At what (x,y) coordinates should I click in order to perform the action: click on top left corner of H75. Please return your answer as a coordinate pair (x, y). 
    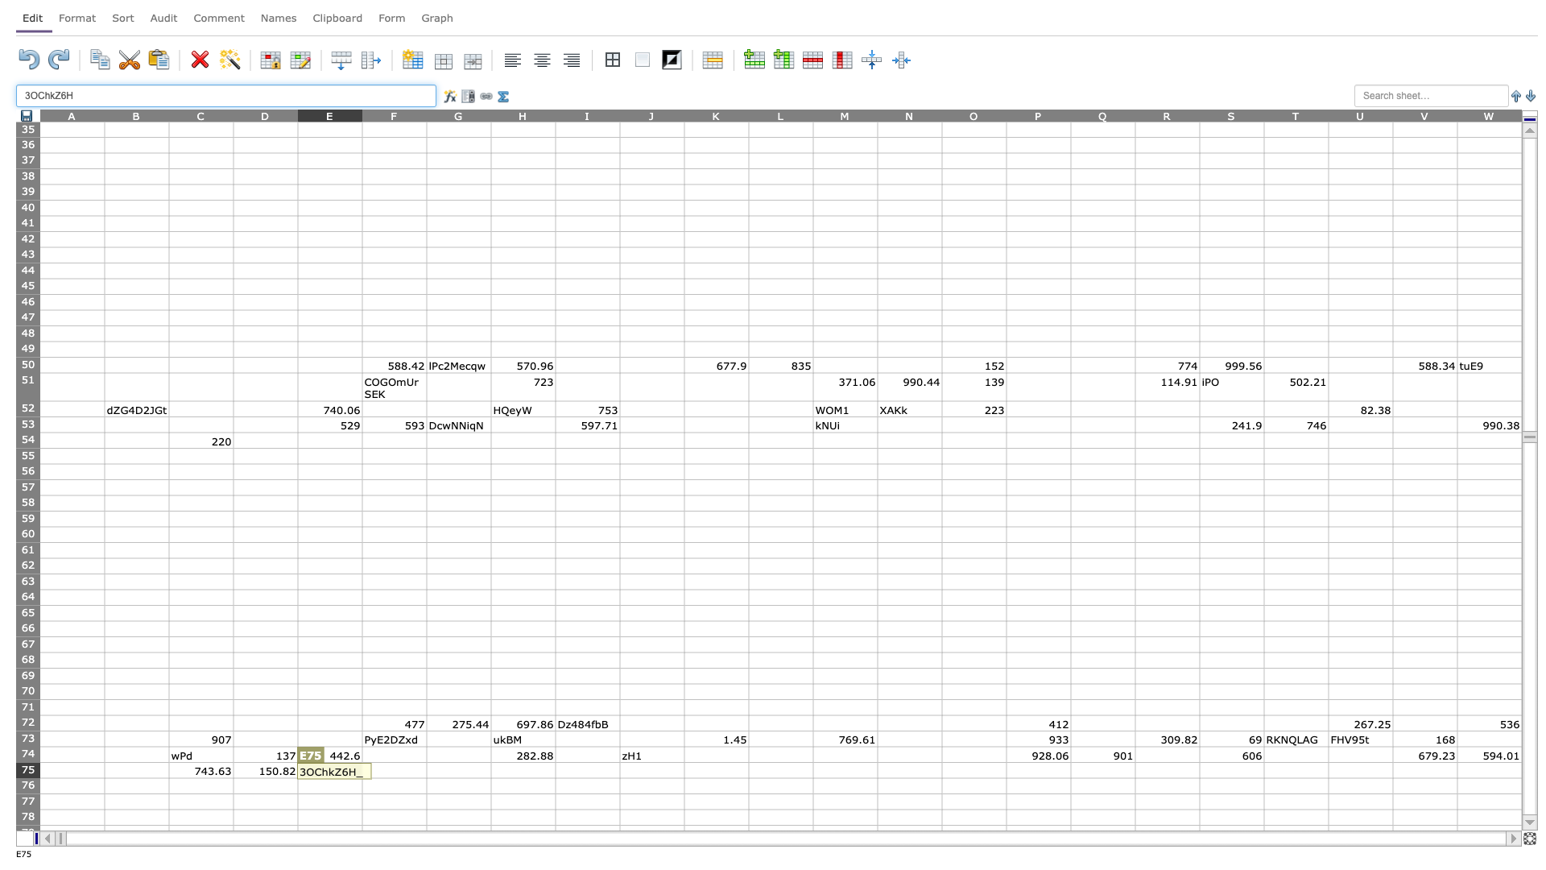
    Looking at the image, I should click on (490, 761).